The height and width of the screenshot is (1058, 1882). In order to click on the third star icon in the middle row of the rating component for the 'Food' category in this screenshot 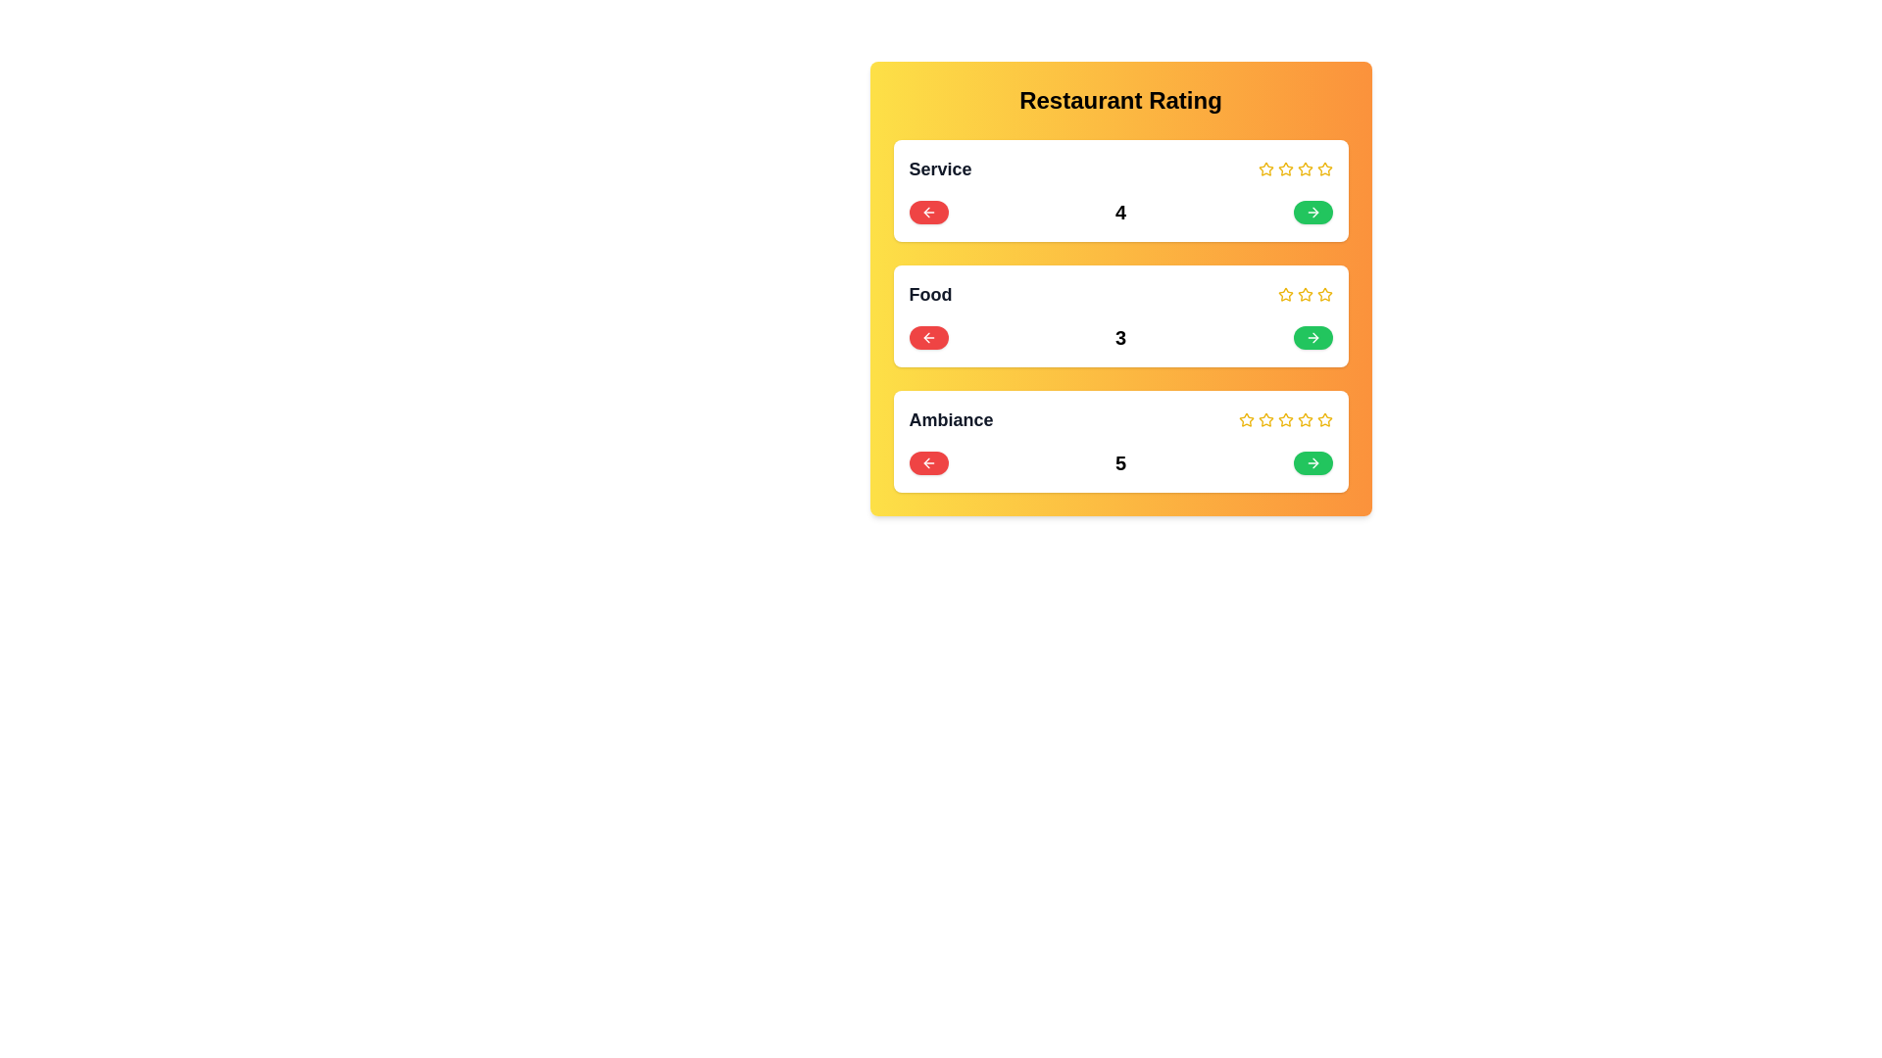, I will do `click(1324, 294)`.